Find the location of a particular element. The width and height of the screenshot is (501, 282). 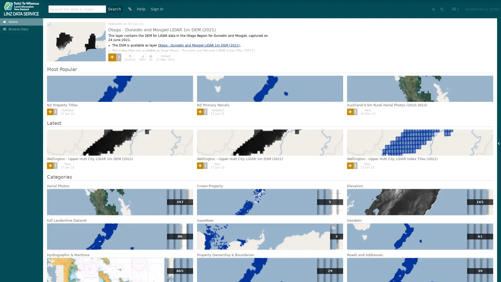

Search is located at coordinates (114, 9).